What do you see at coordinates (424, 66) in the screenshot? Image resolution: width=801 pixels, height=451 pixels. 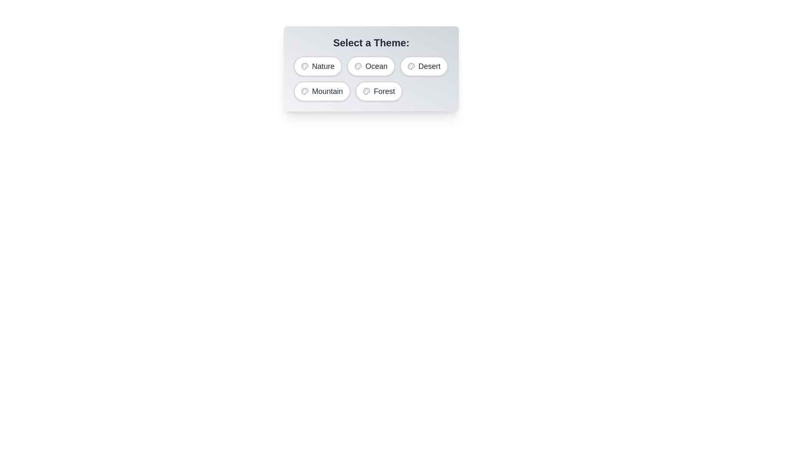 I see `the Desert button to select it` at bounding box center [424, 66].